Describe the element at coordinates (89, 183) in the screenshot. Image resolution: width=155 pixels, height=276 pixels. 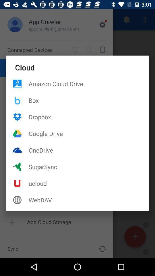
I see `the item above the webdav icon` at that location.